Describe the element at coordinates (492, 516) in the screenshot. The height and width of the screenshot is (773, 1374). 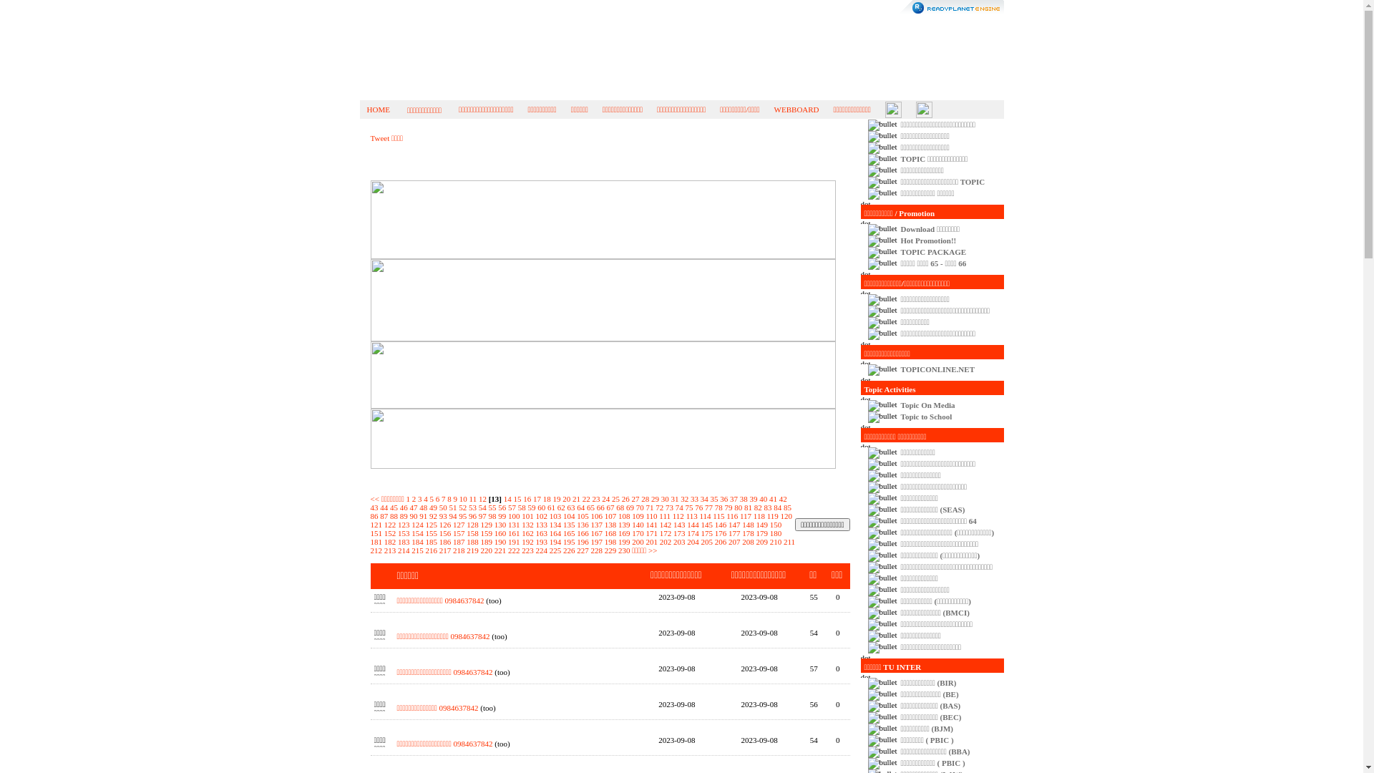
I see `'98'` at that location.